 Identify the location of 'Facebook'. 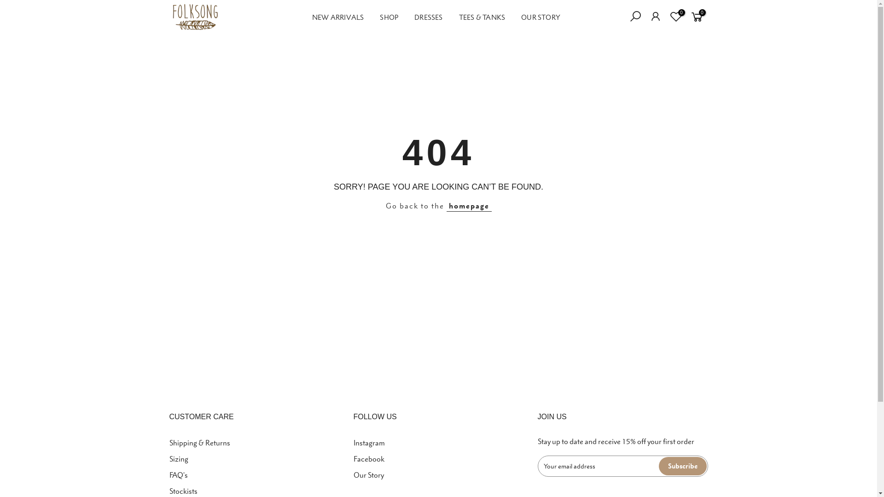
(369, 458).